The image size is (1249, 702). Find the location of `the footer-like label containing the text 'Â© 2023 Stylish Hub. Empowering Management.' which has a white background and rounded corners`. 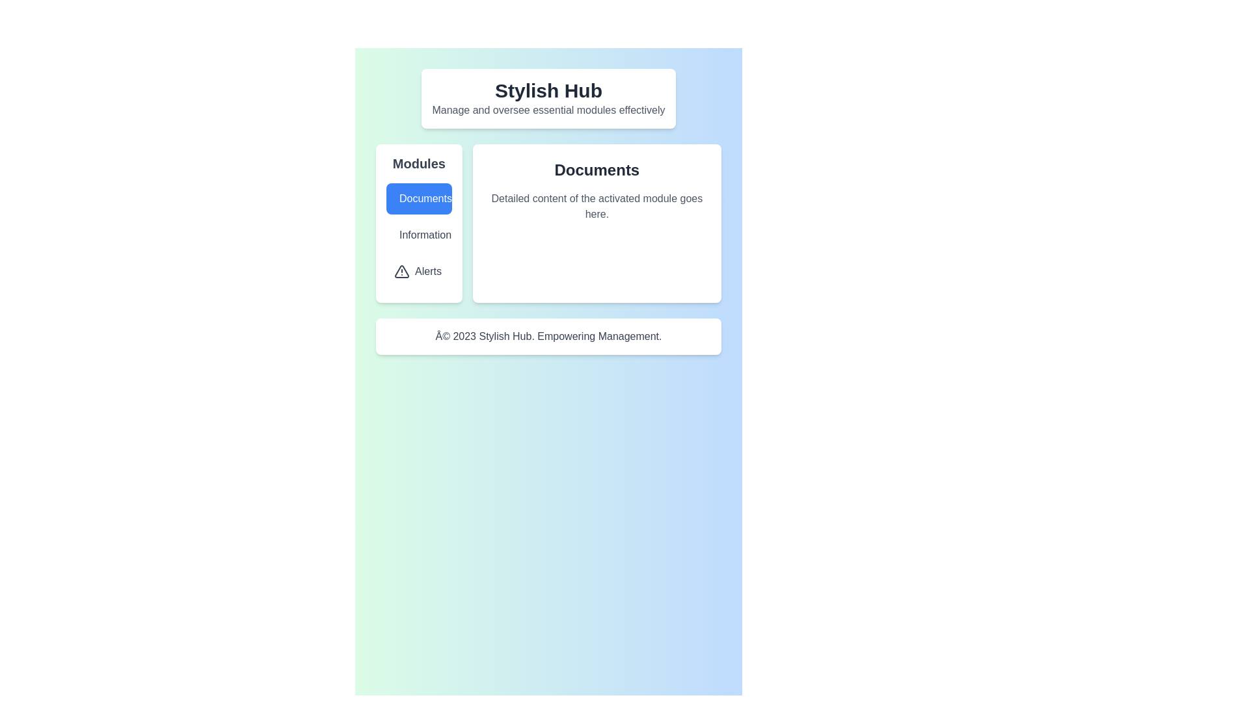

the footer-like label containing the text 'Â© 2023 Stylish Hub. Empowering Management.' which has a white background and rounded corners is located at coordinates (548, 335).